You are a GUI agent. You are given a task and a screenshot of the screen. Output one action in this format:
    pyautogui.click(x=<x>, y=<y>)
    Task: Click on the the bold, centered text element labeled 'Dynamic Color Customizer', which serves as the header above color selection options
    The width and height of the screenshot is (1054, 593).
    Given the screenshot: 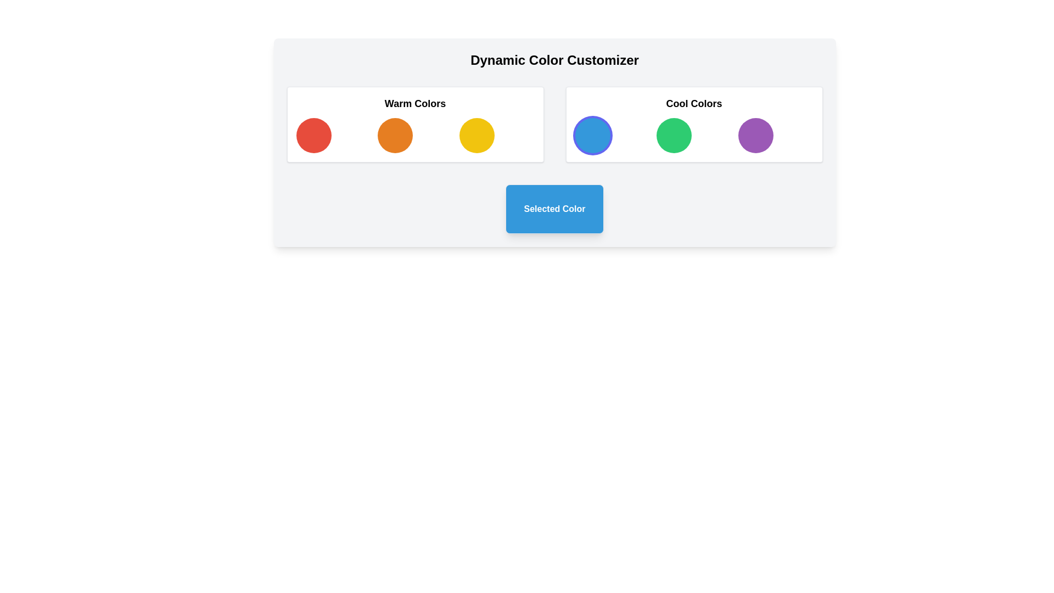 What is the action you would take?
    pyautogui.click(x=554, y=60)
    